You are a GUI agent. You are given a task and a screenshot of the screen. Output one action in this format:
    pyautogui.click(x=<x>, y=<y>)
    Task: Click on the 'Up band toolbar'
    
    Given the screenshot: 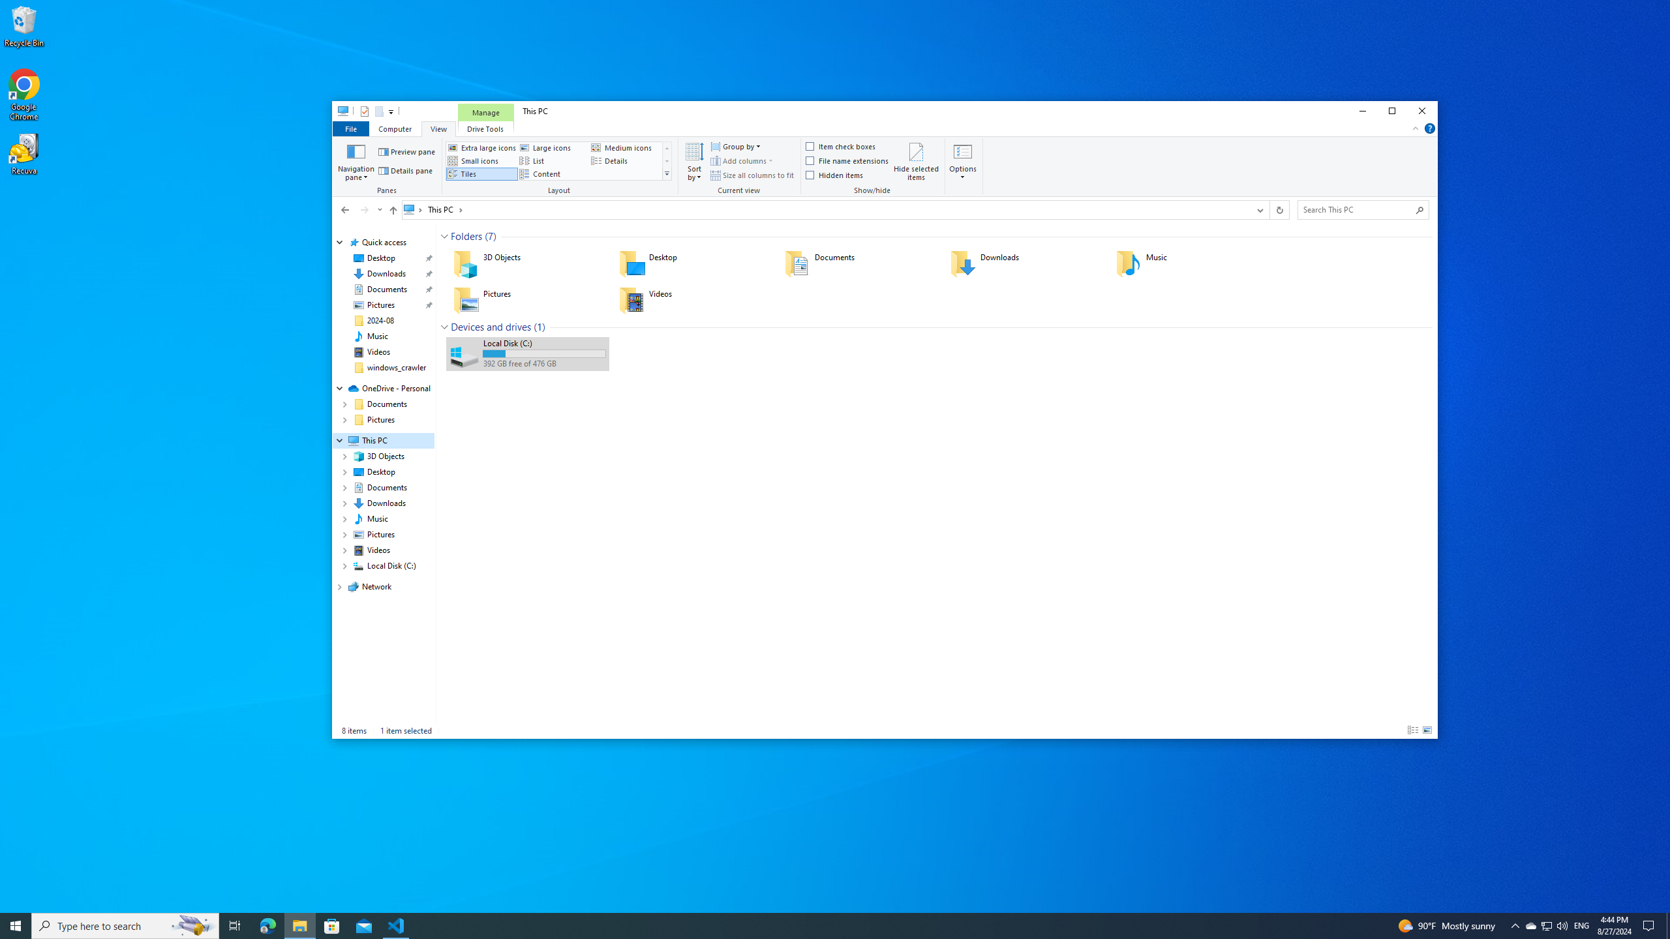 What is the action you would take?
    pyautogui.click(x=393, y=212)
    